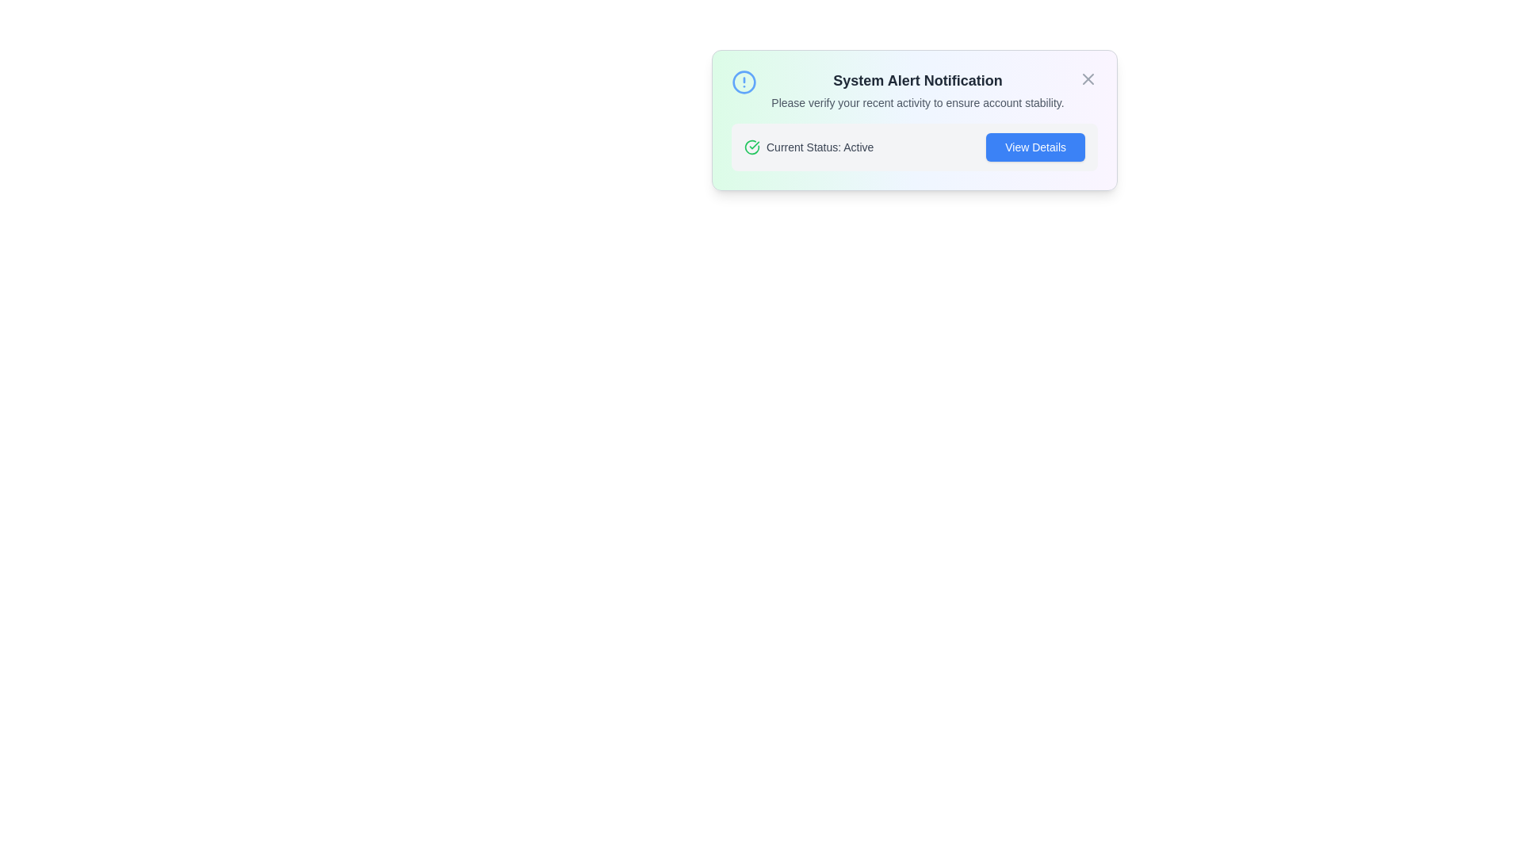  Describe the element at coordinates (1087, 79) in the screenshot. I see `the close button to dismiss the notification` at that location.